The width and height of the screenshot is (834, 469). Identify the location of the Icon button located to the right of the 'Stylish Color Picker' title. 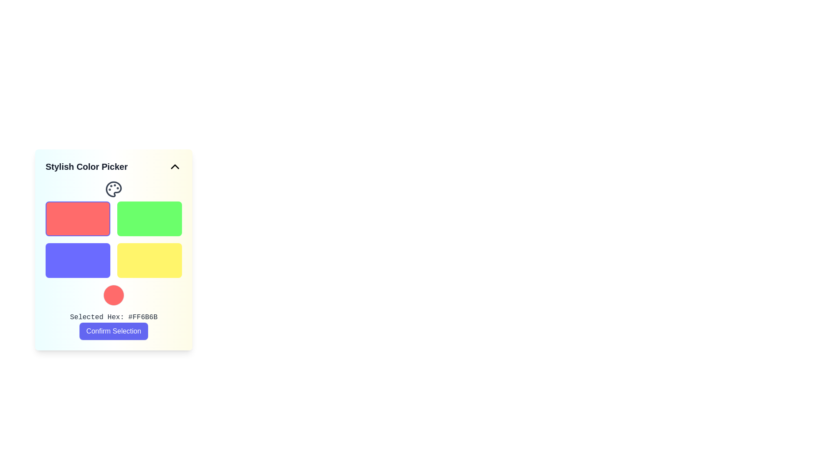
(175, 167).